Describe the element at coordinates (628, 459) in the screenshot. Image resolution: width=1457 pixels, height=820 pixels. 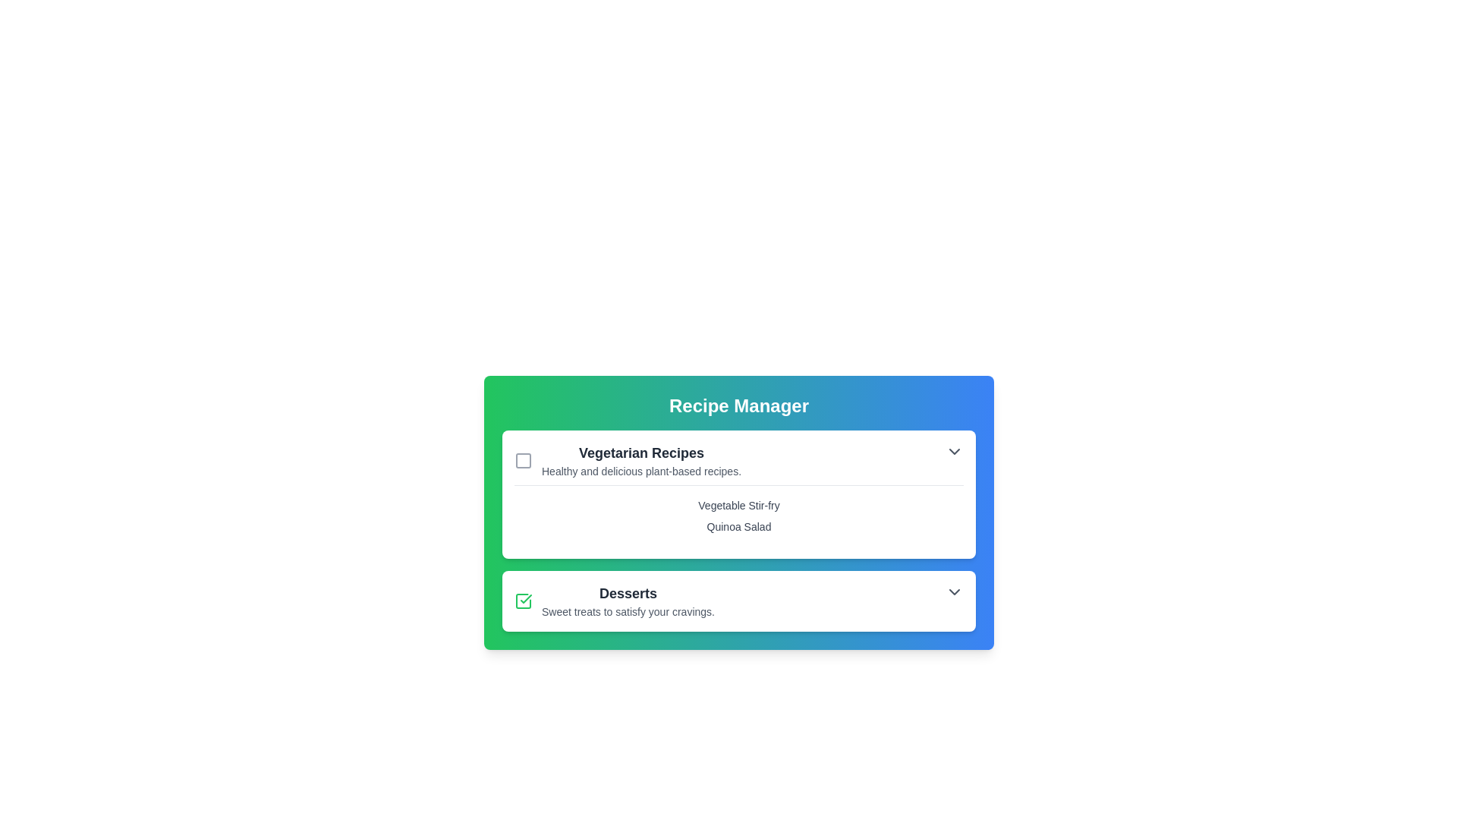
I see `the 'Vegetarian Recipes' label and description pair located at the top area of the 'Recipe Manager' content box, positioned to the left of a downward-facing arrow icon` at that location.